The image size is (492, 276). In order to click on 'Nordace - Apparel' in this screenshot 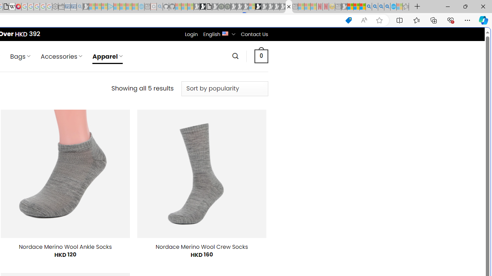, I will do `click(288, 7)`.